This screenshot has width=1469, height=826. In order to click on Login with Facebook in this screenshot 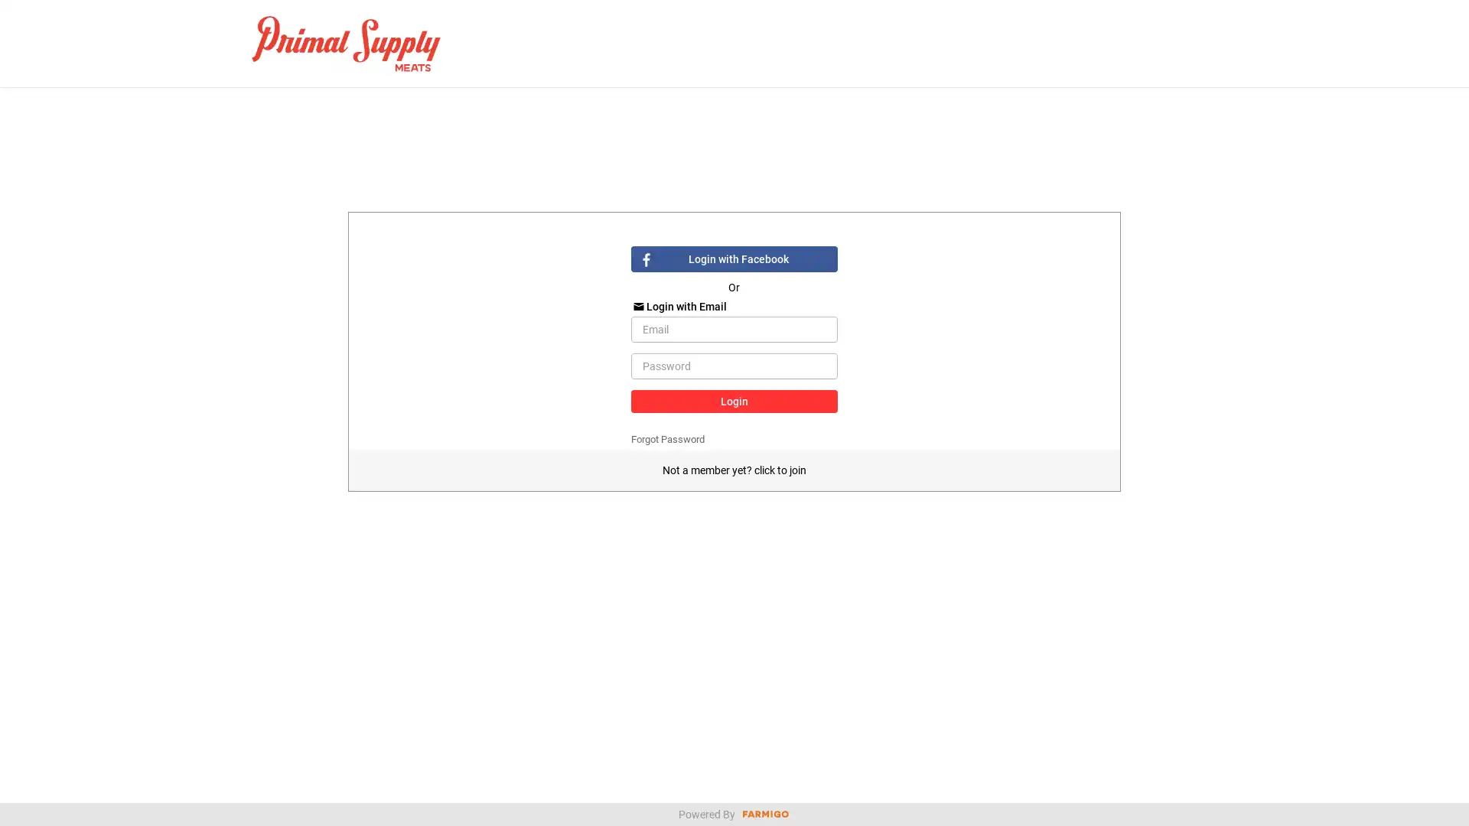, I will do `click(733, 259)`.